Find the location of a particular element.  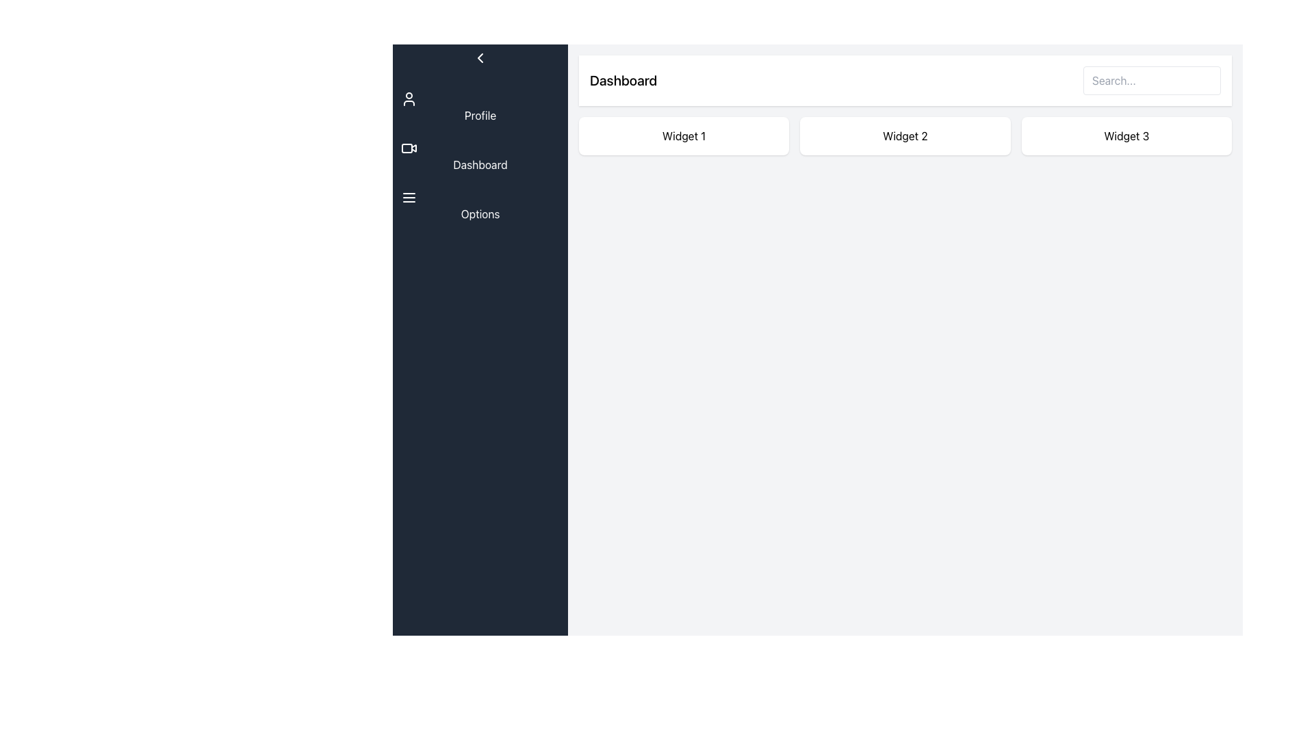

the topmost Chevron arrow icon located at the top-left corner of the left-side navigation panel is located at coordinates (480, 57).